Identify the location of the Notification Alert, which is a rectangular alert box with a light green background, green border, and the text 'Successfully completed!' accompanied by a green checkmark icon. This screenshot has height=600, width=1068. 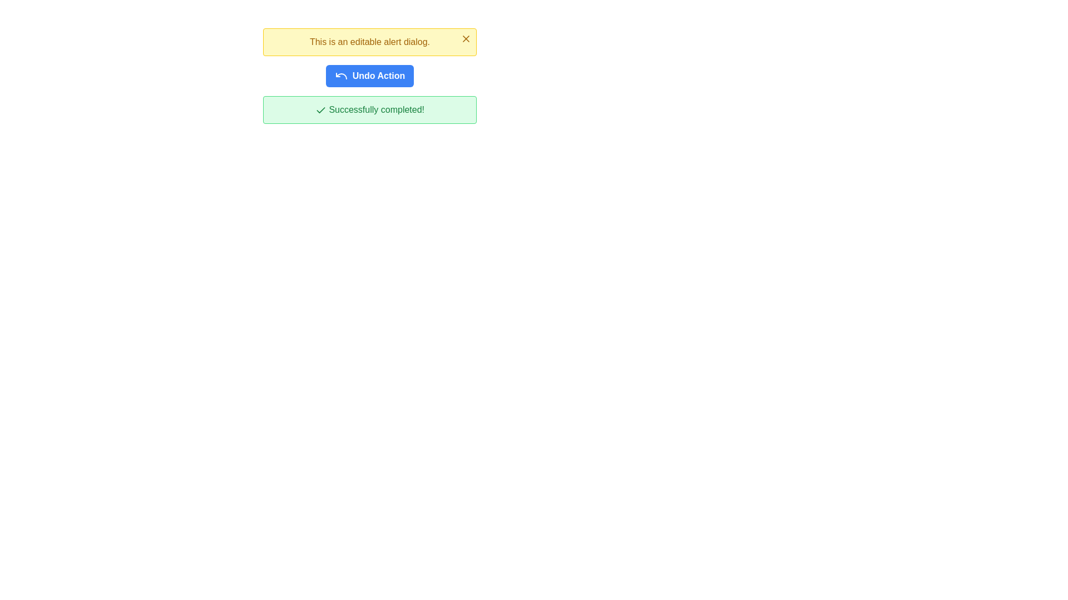
(370, 109).